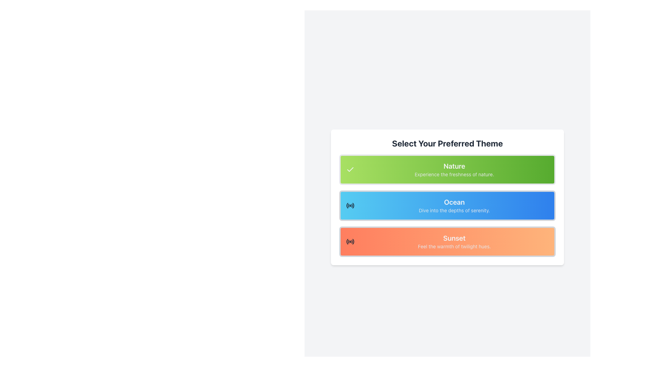  I want to click on the 'Nature' theme icon, which is a visual indicator within the green button labeled 'Nature' on the 'Select Your Preferred Theme' list, so click(350, 169).